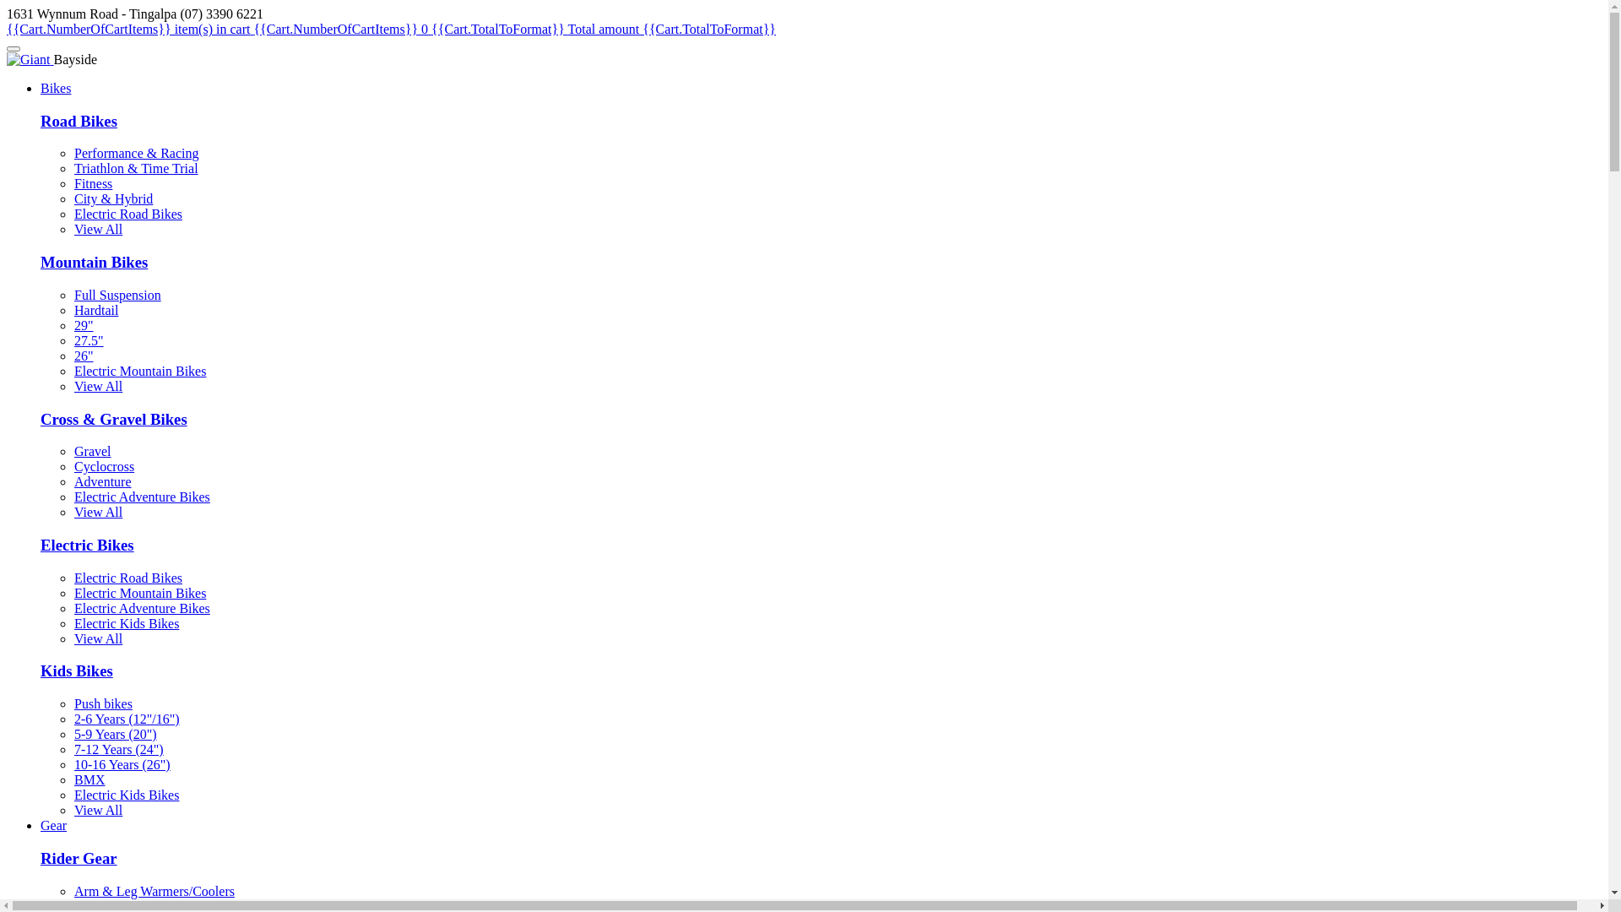 This screenshot has height=912, width=1621. What do you see at coordinates (56, 88) in the screenshot?
I see `'Bikes'` at bounding box center [56, 88].